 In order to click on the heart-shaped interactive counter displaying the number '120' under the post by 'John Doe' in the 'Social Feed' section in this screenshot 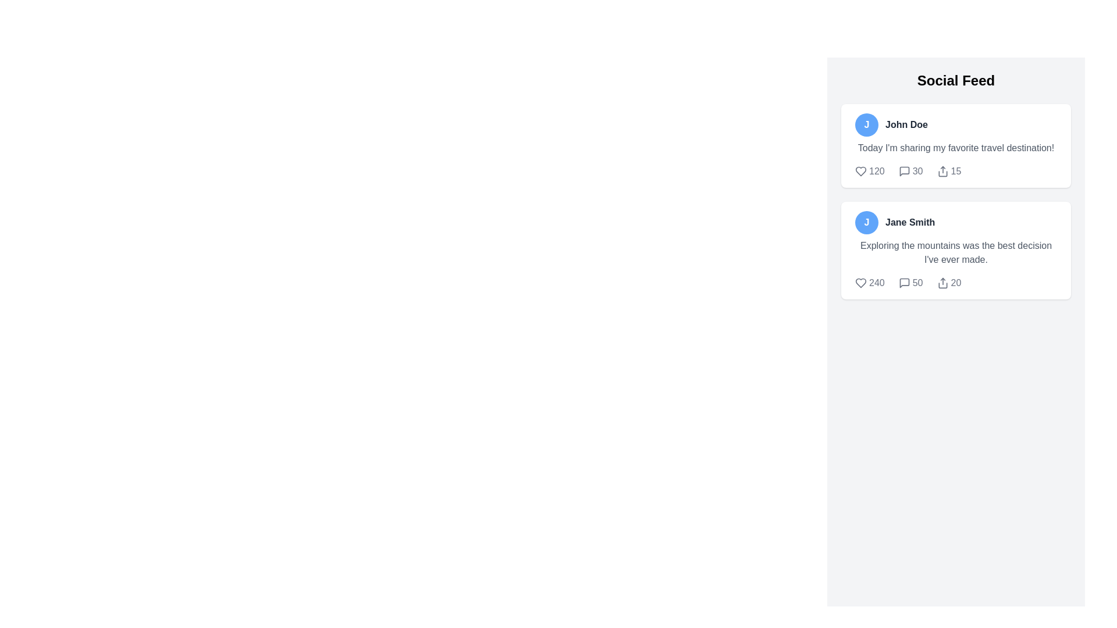, I will do `click(870, 171)`.